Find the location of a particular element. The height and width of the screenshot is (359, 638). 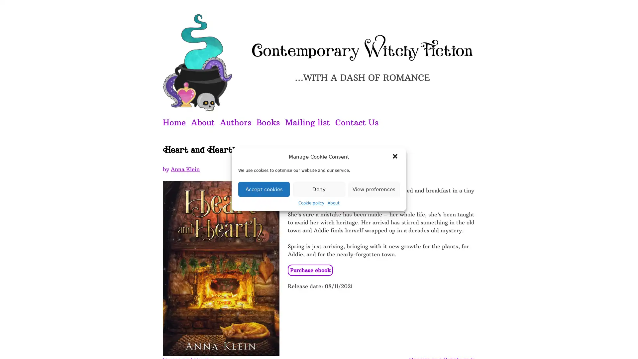

Deny is located at coordinates (318, 189).